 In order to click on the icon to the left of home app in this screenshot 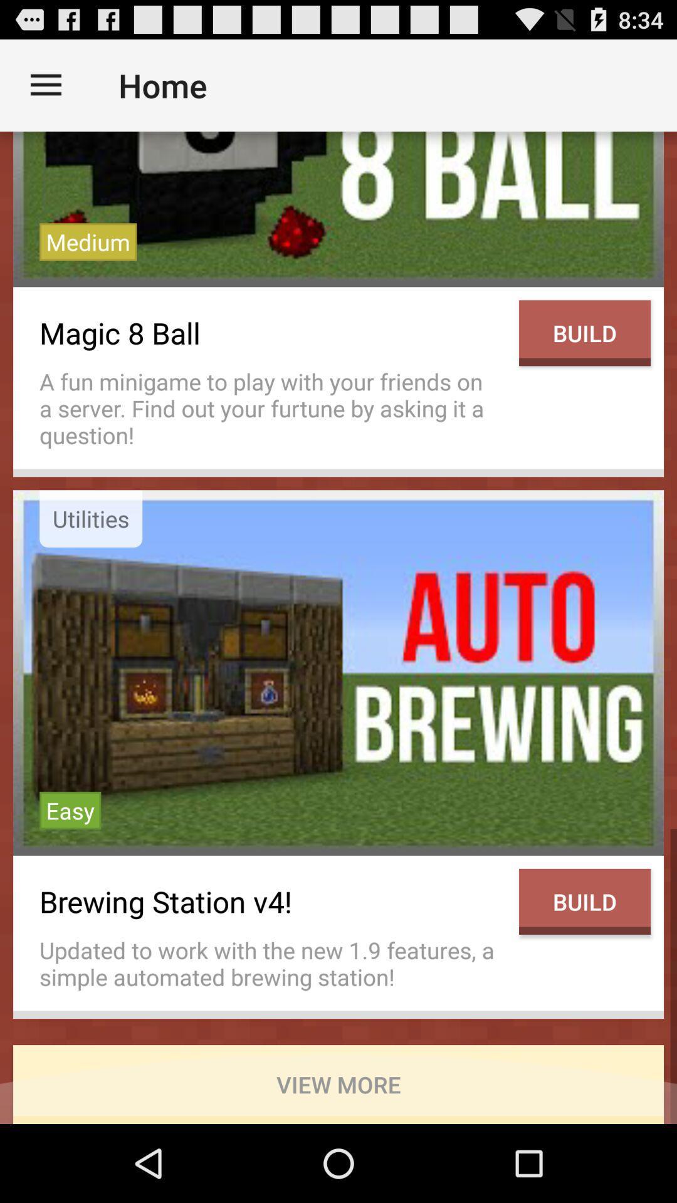, I will do `click(45, 85)`.